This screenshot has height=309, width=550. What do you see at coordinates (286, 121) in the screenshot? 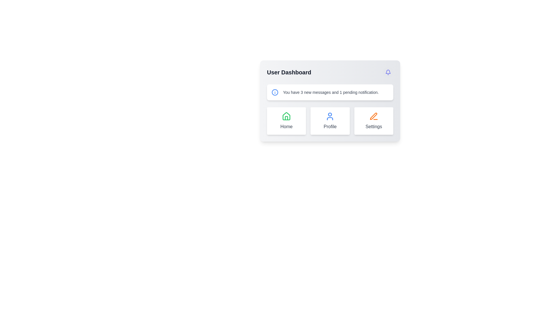
I see `the 'Home' card, which is the leftmost card in a grid of three cards including 'Profile' and 'Settings'` at bounding box center [286, 121].